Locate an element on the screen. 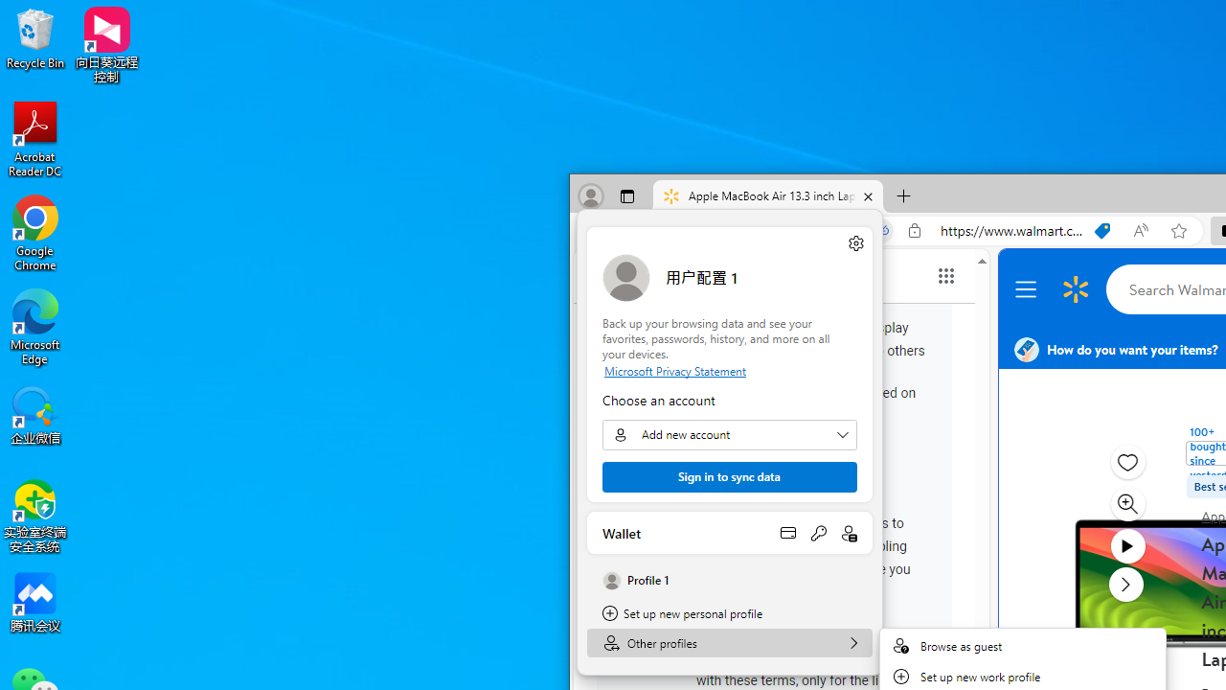 Image resolution: width=1226 pixels, height=690 pixels. 'Browse as guest' is located at coordinates (1022, 645).